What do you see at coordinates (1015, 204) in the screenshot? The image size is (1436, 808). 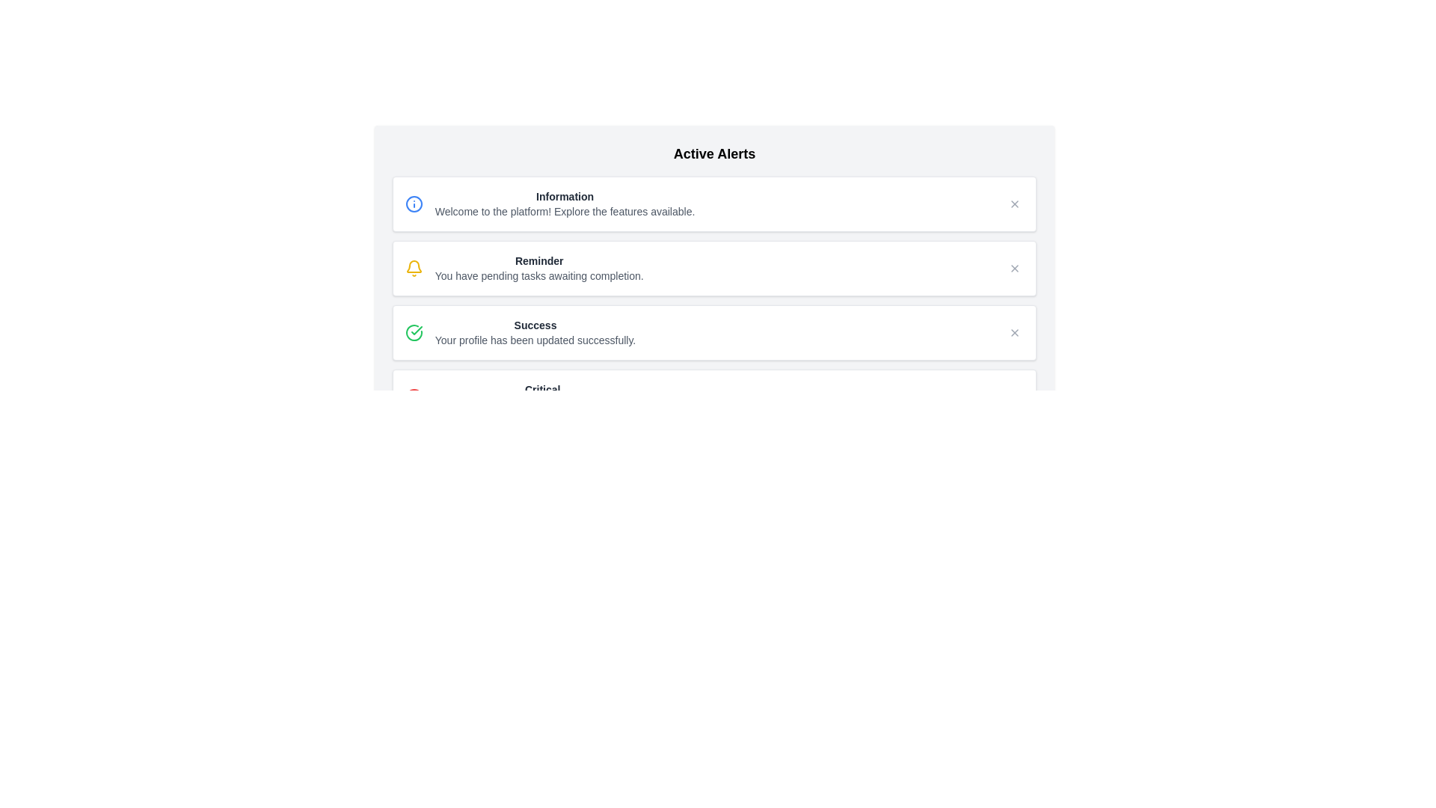 I see `the dismiss button located at the top-right corner of the 'Information' notification card to change the text color from gray to black` at bounding box center [1015, 204].